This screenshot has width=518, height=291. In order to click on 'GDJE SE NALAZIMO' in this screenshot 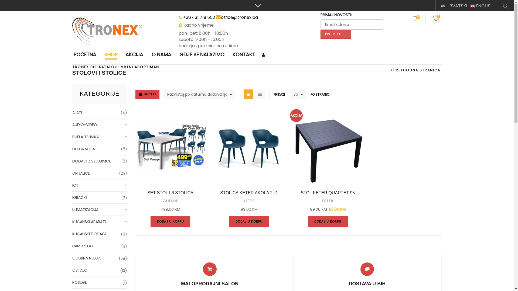, I will do `click(178, 55)`.